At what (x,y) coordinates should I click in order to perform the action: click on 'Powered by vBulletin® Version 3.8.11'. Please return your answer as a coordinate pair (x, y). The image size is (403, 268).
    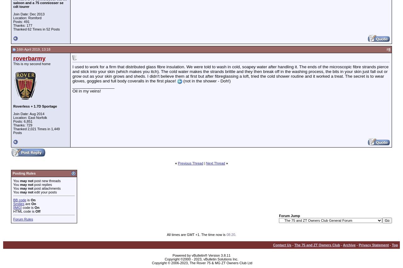
    Looking at the image, I should click on (201, 255).